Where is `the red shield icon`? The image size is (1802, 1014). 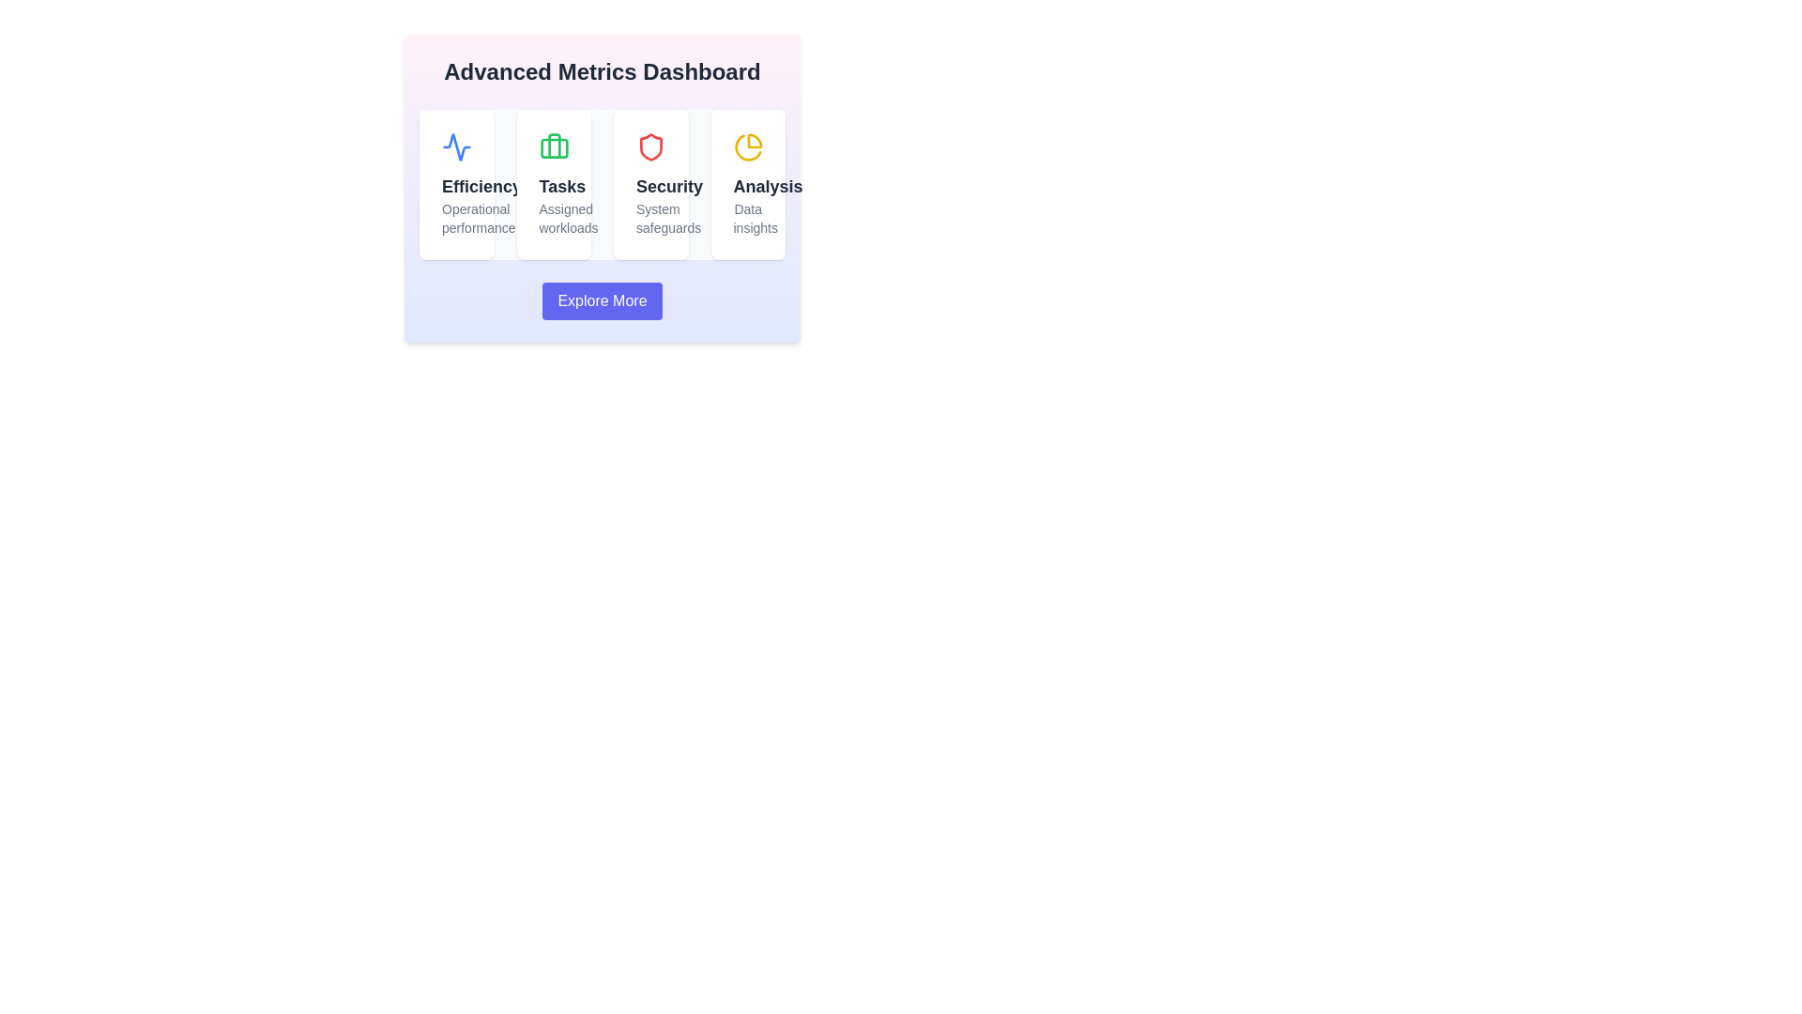 the red shield icon is located at coordinates (651, 146).